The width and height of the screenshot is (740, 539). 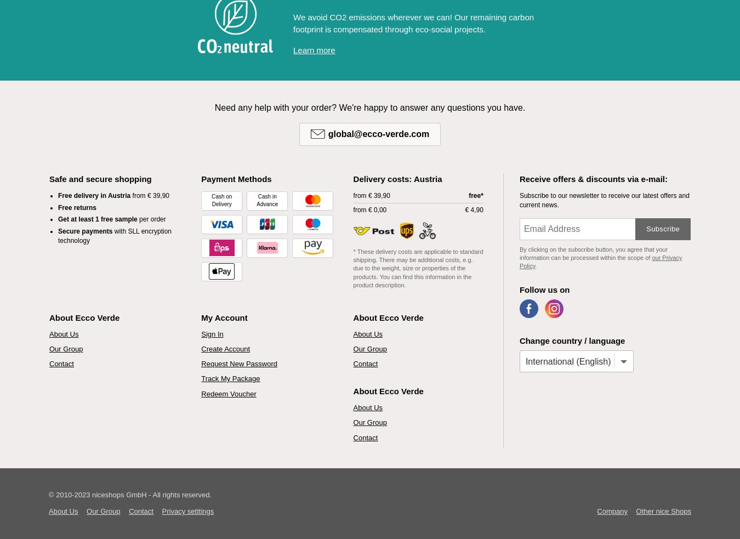 What do you see at coordinates (663, 511) in the screenshot?
I see `'Other nice Shops'` at bounding box center [663, 511].